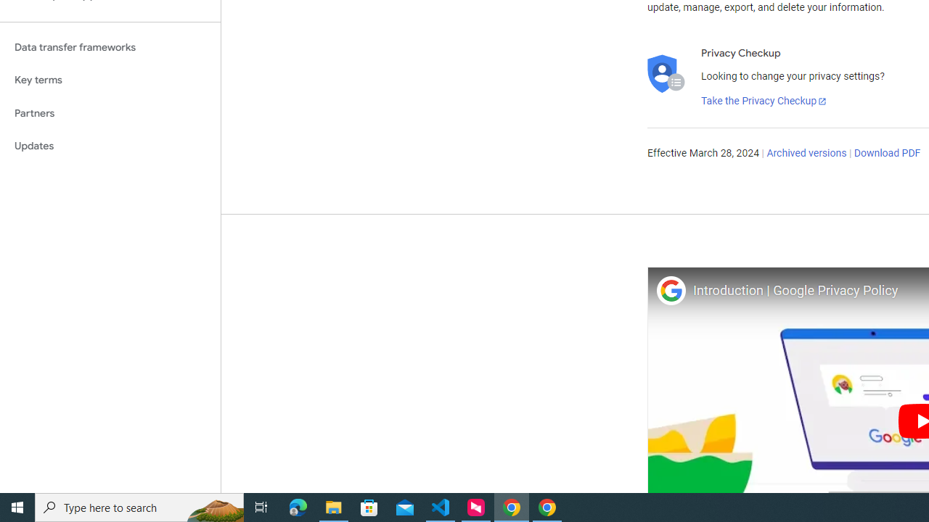 This screenshot has height=522, width=929. What do you see at coordinates (670, 290) in the screenshot?
I see `'Photo image of Google'` at bounding box center [670, 290].